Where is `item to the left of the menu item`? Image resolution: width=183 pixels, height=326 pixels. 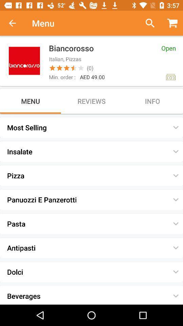
item to the left of the menu item is located at coordinates (16, 23).